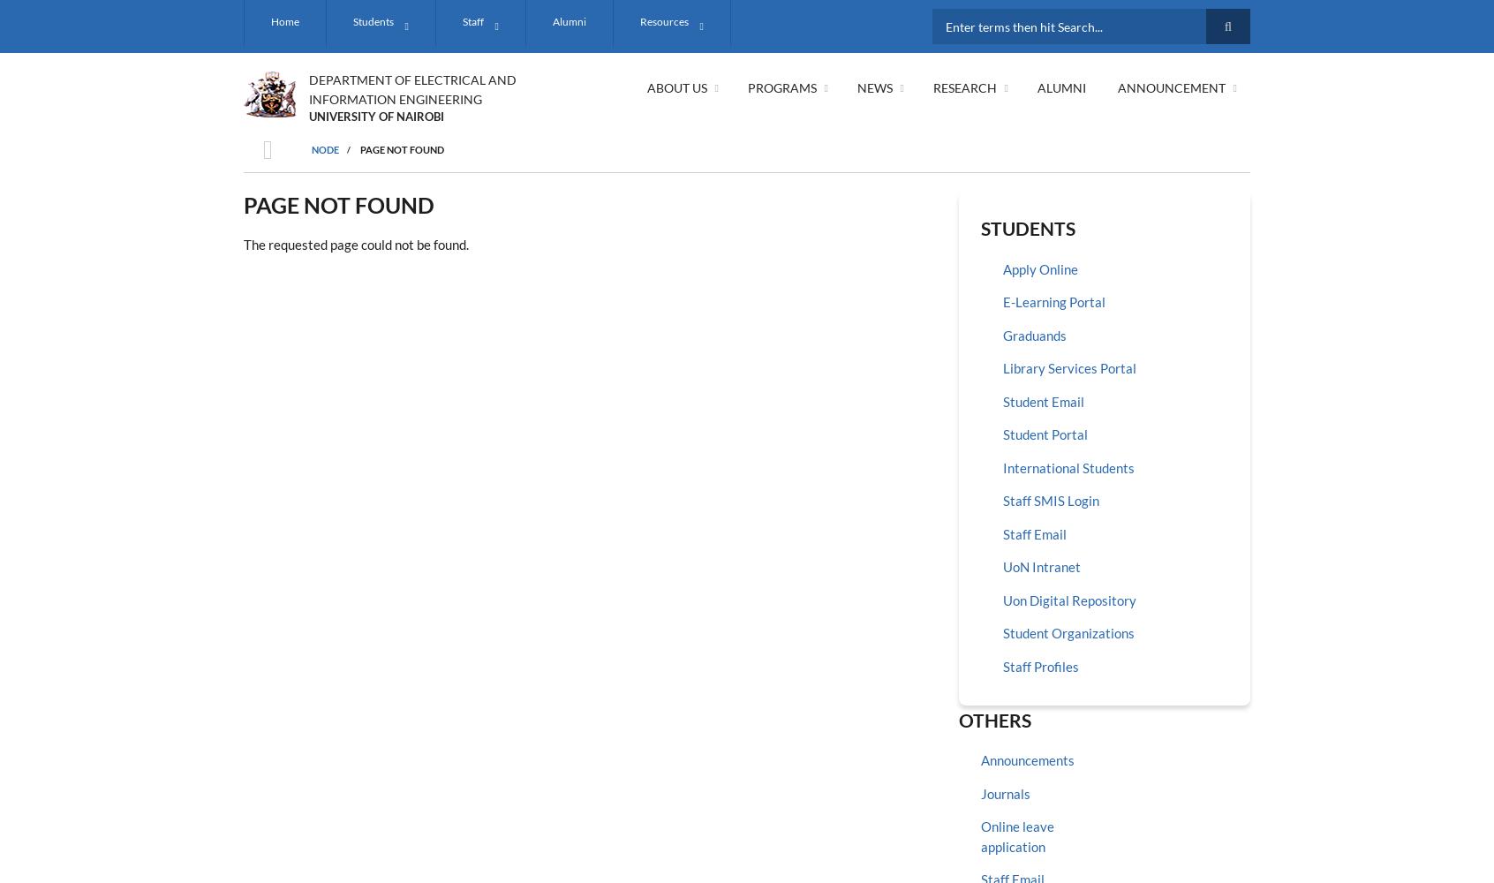 The image size is (1494, 883). I want to click on 'The requested page could not be found.', so click(356, 245).